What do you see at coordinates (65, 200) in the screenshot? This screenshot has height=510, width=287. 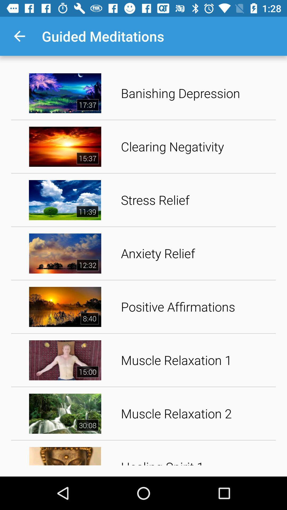 I see `the image left to the stress relief text` at bounding box center [65, 200].